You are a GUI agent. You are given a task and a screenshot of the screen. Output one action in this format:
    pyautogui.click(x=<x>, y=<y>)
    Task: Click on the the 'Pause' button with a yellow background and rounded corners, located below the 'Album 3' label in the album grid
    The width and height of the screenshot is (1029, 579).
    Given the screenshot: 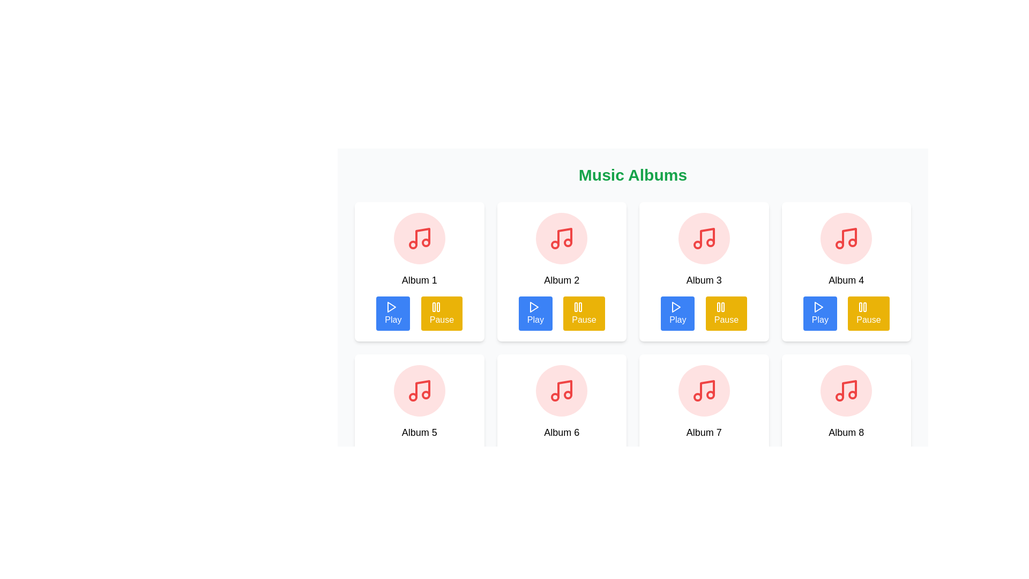 What is the action you would take?
    pyautogui.click(x=726, y=314)
    